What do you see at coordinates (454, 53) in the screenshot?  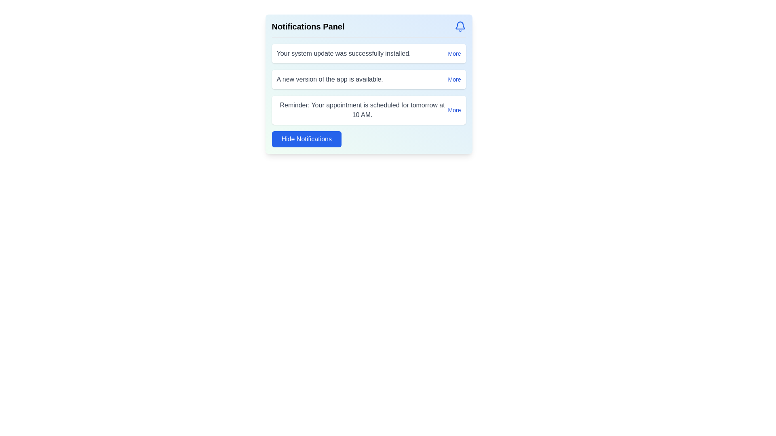 I see `the 'More' link located in the first notification card of the Notifications Panel` at bounding box center [454, 53].